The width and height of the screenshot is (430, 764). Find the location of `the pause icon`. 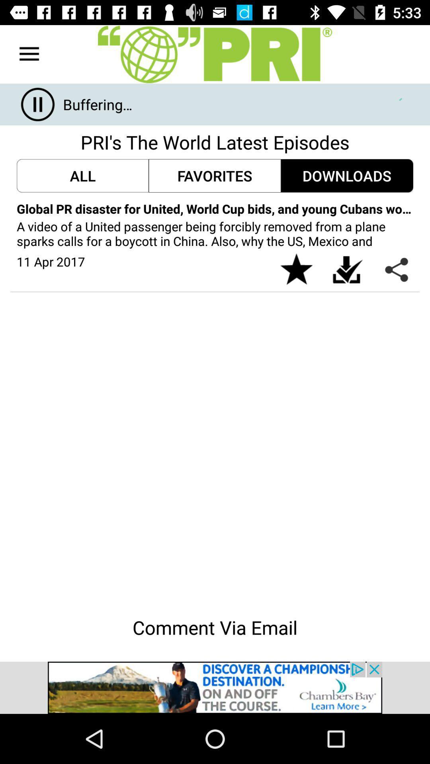

the pause icon is located at coordinates (37, 104).